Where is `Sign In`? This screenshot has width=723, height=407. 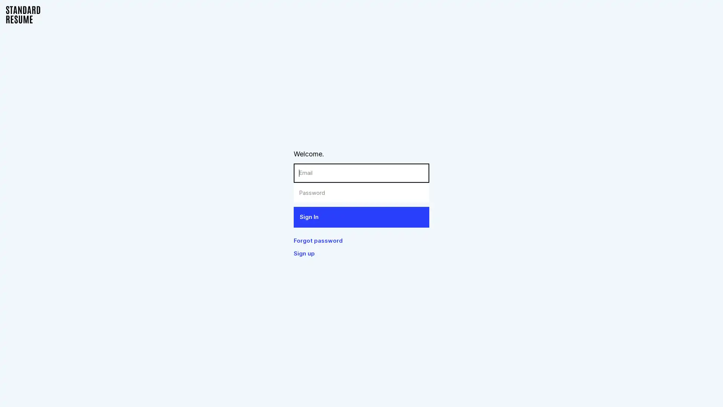
Sign In is located at coordinates (361, 217).